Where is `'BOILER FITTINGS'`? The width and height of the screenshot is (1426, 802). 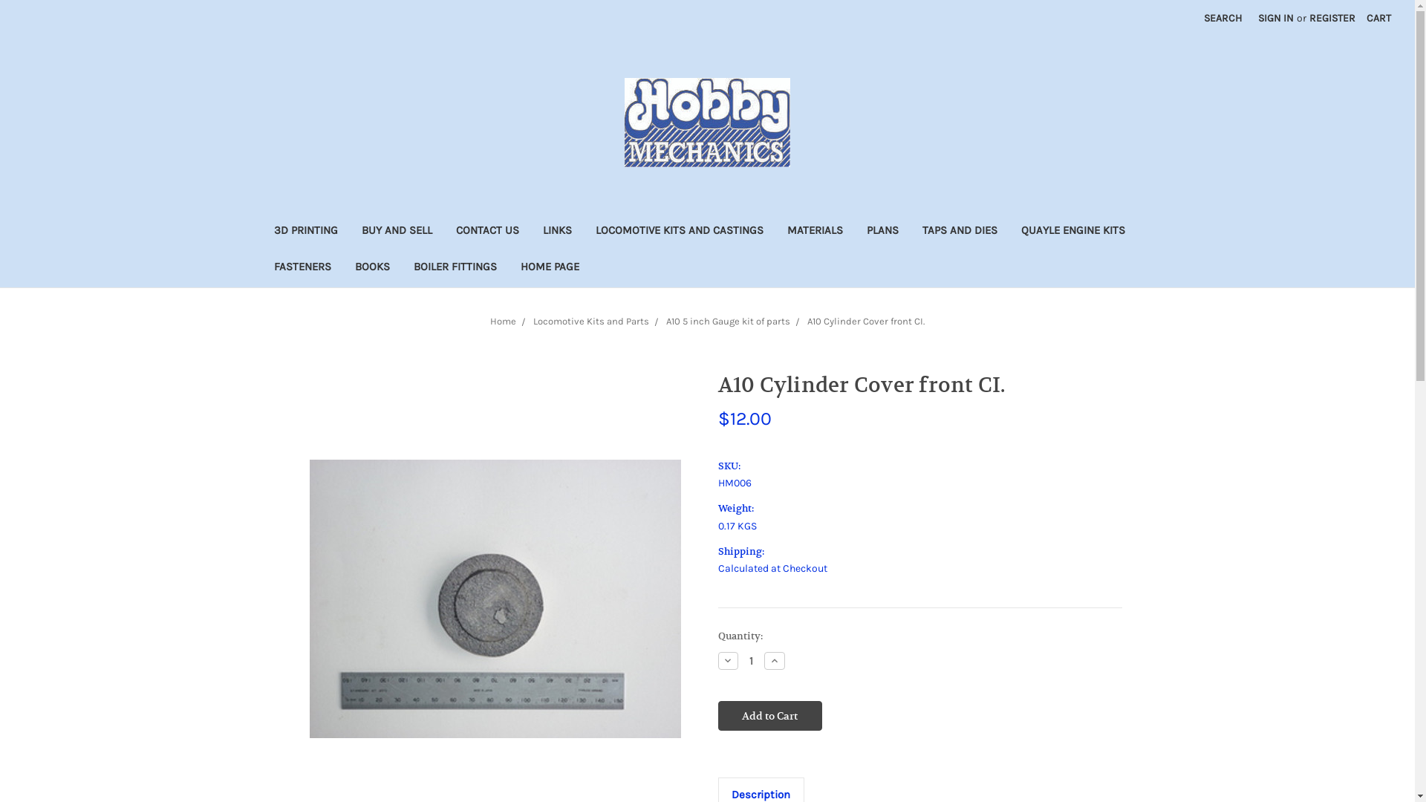
'BOILER FITTINGS' is located at coordinates (453, 268).